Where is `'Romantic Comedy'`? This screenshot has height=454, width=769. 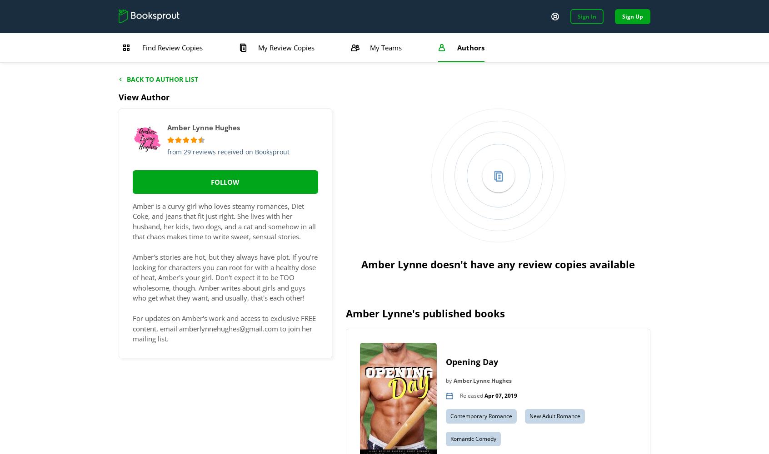
'Romantic Comedy' is located at coordinates (450, 438).